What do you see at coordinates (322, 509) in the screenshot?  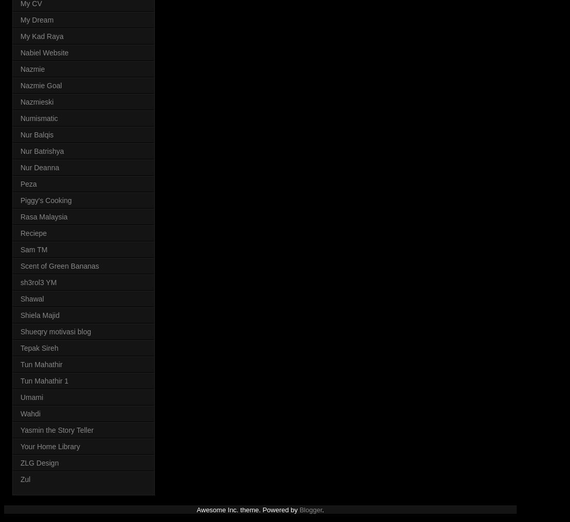 I see `'.'` at bounding box center [322, 509].